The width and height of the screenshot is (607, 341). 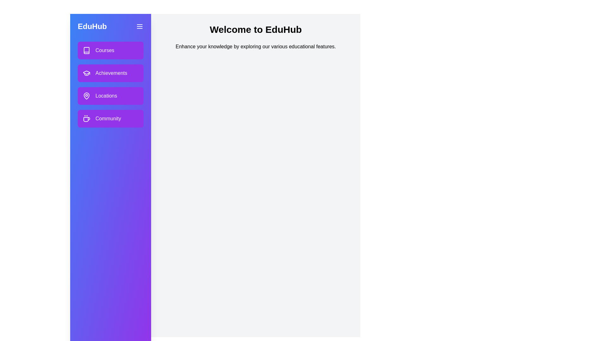 I want to click on menu button to toggle the drawer visibility, so click(x=139, y=26).